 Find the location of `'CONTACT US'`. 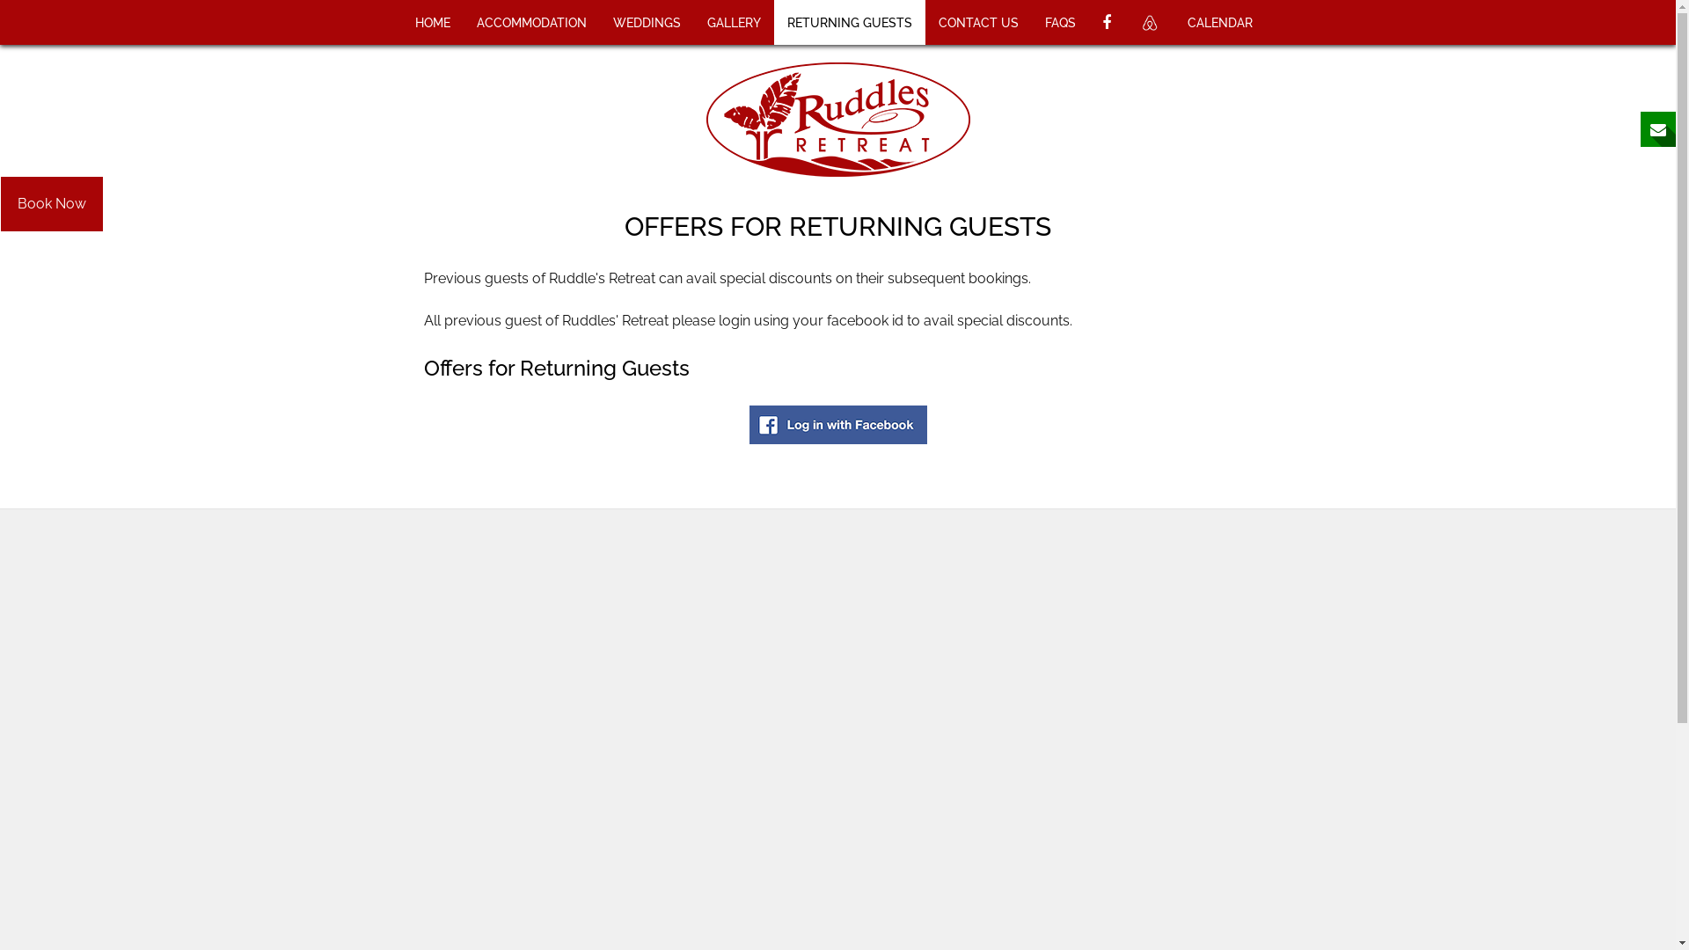

'CONTACT US' is located at coordinates (977, 22).